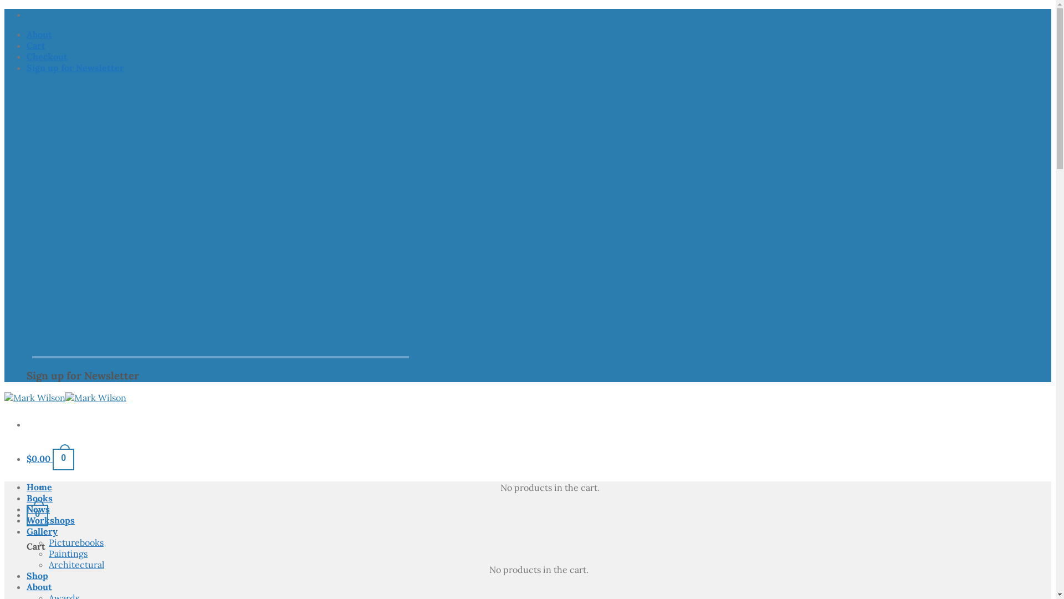  Describe the element at coordinates (27, 33) in the screenshot. I see `'About'` at that location.